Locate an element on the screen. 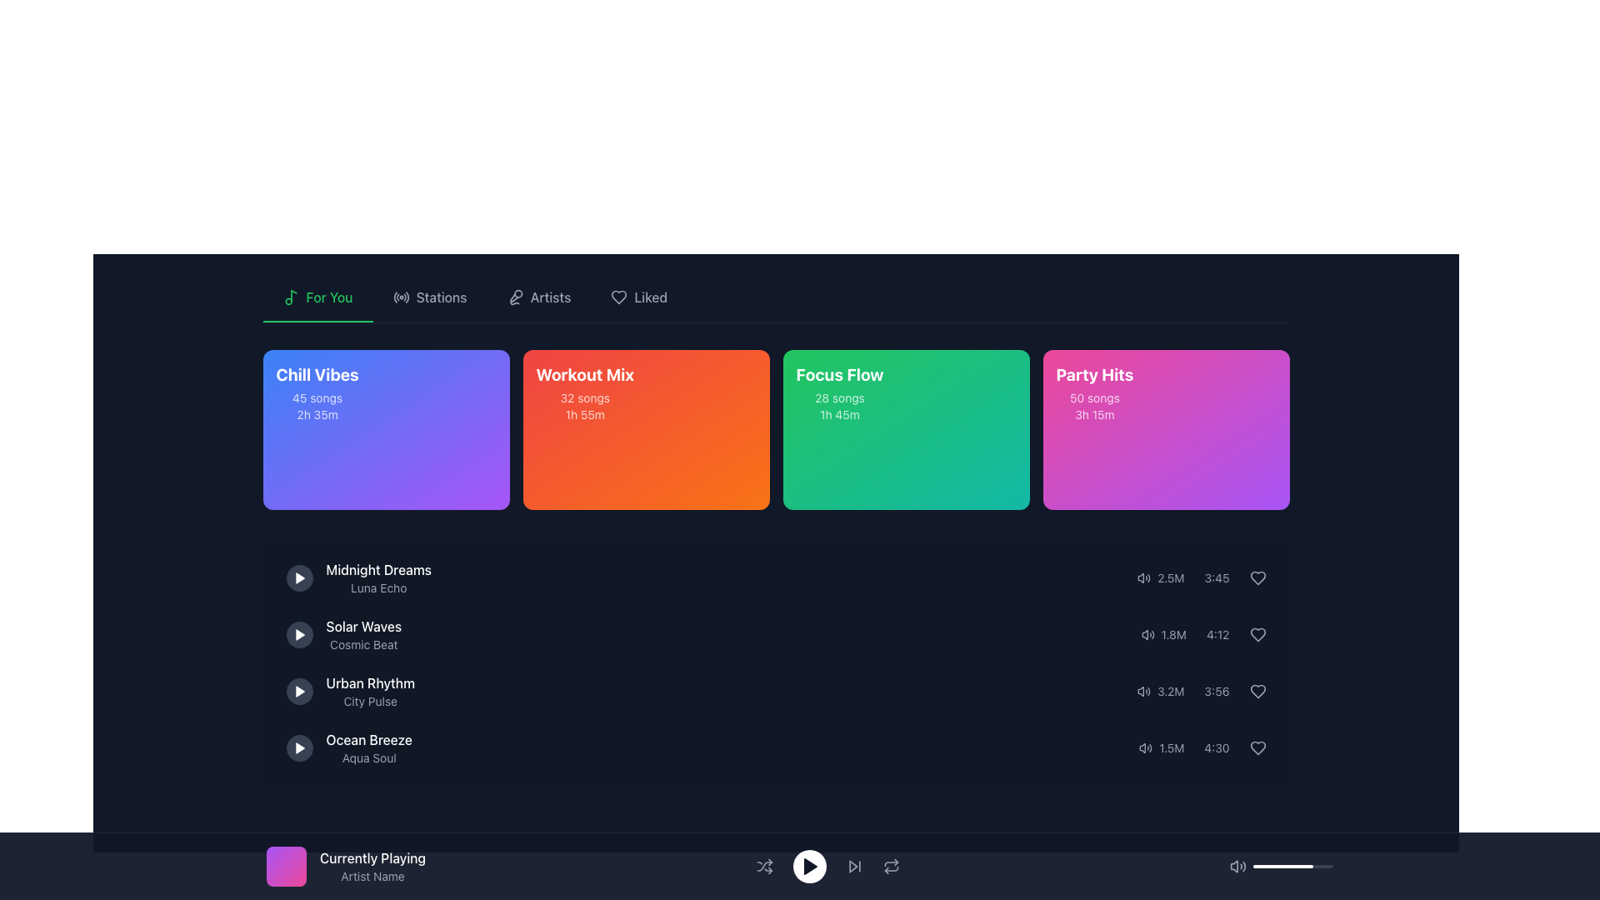  information displayed on the Label with graphic accompaniment indicating the currently playing track and artist's name located towards the bottom left of the interface is located at coordinates (345, 866).